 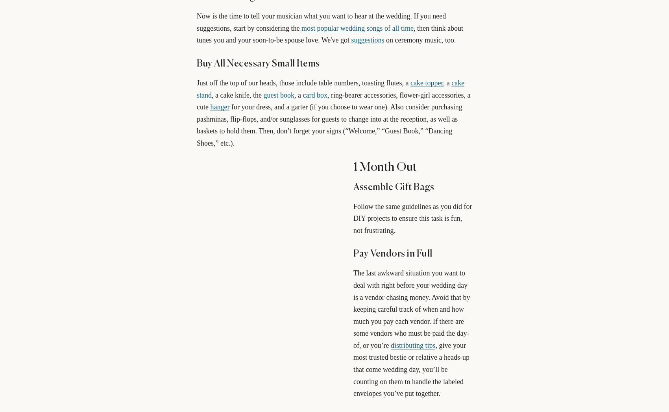 I want to click on 'guest book', so click(x=279, y=95).